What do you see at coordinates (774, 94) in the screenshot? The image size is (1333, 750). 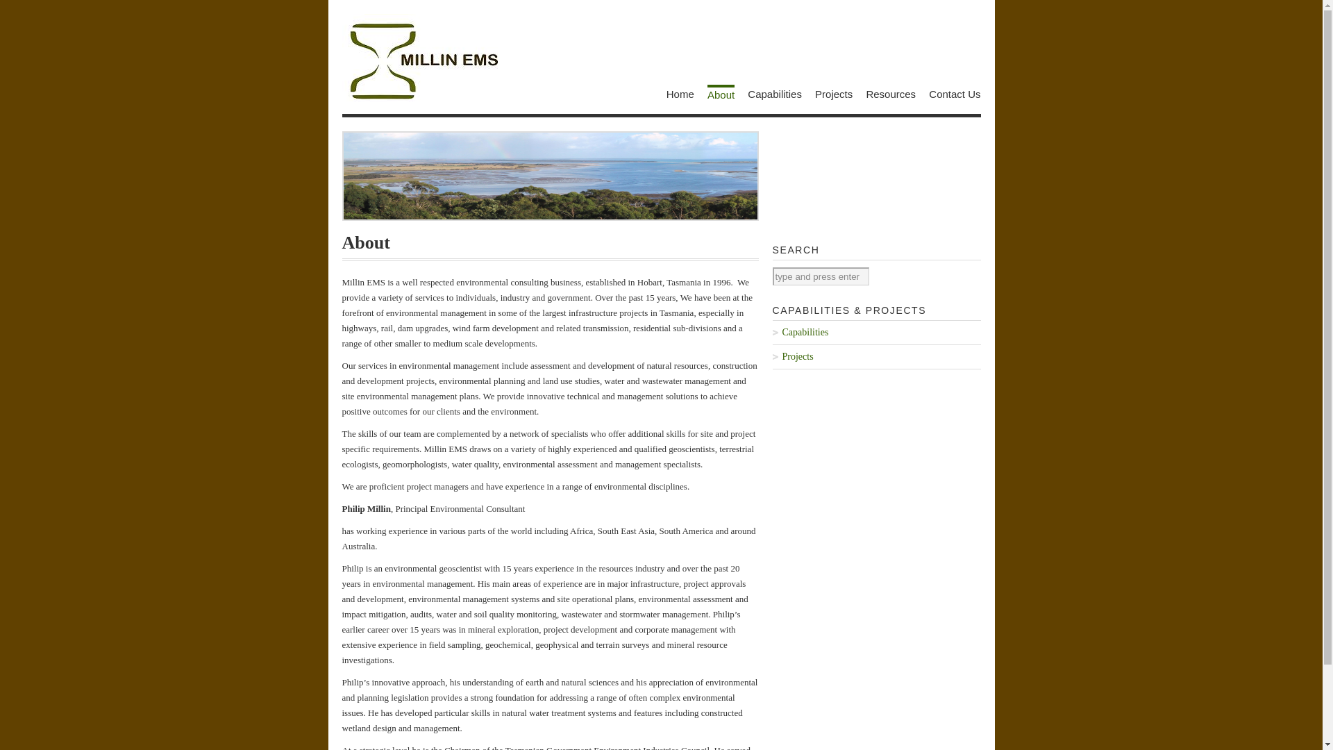 I see `'Capabilities'` at bounding box center [774, 94].